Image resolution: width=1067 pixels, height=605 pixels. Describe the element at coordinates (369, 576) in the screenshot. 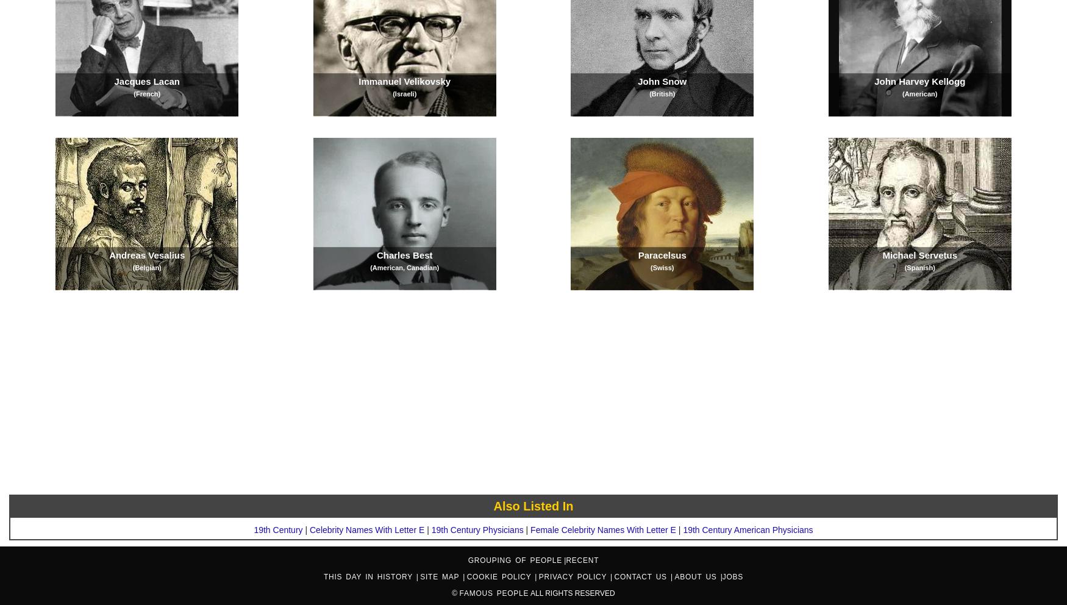

I see `'This Day In History'` at that location.